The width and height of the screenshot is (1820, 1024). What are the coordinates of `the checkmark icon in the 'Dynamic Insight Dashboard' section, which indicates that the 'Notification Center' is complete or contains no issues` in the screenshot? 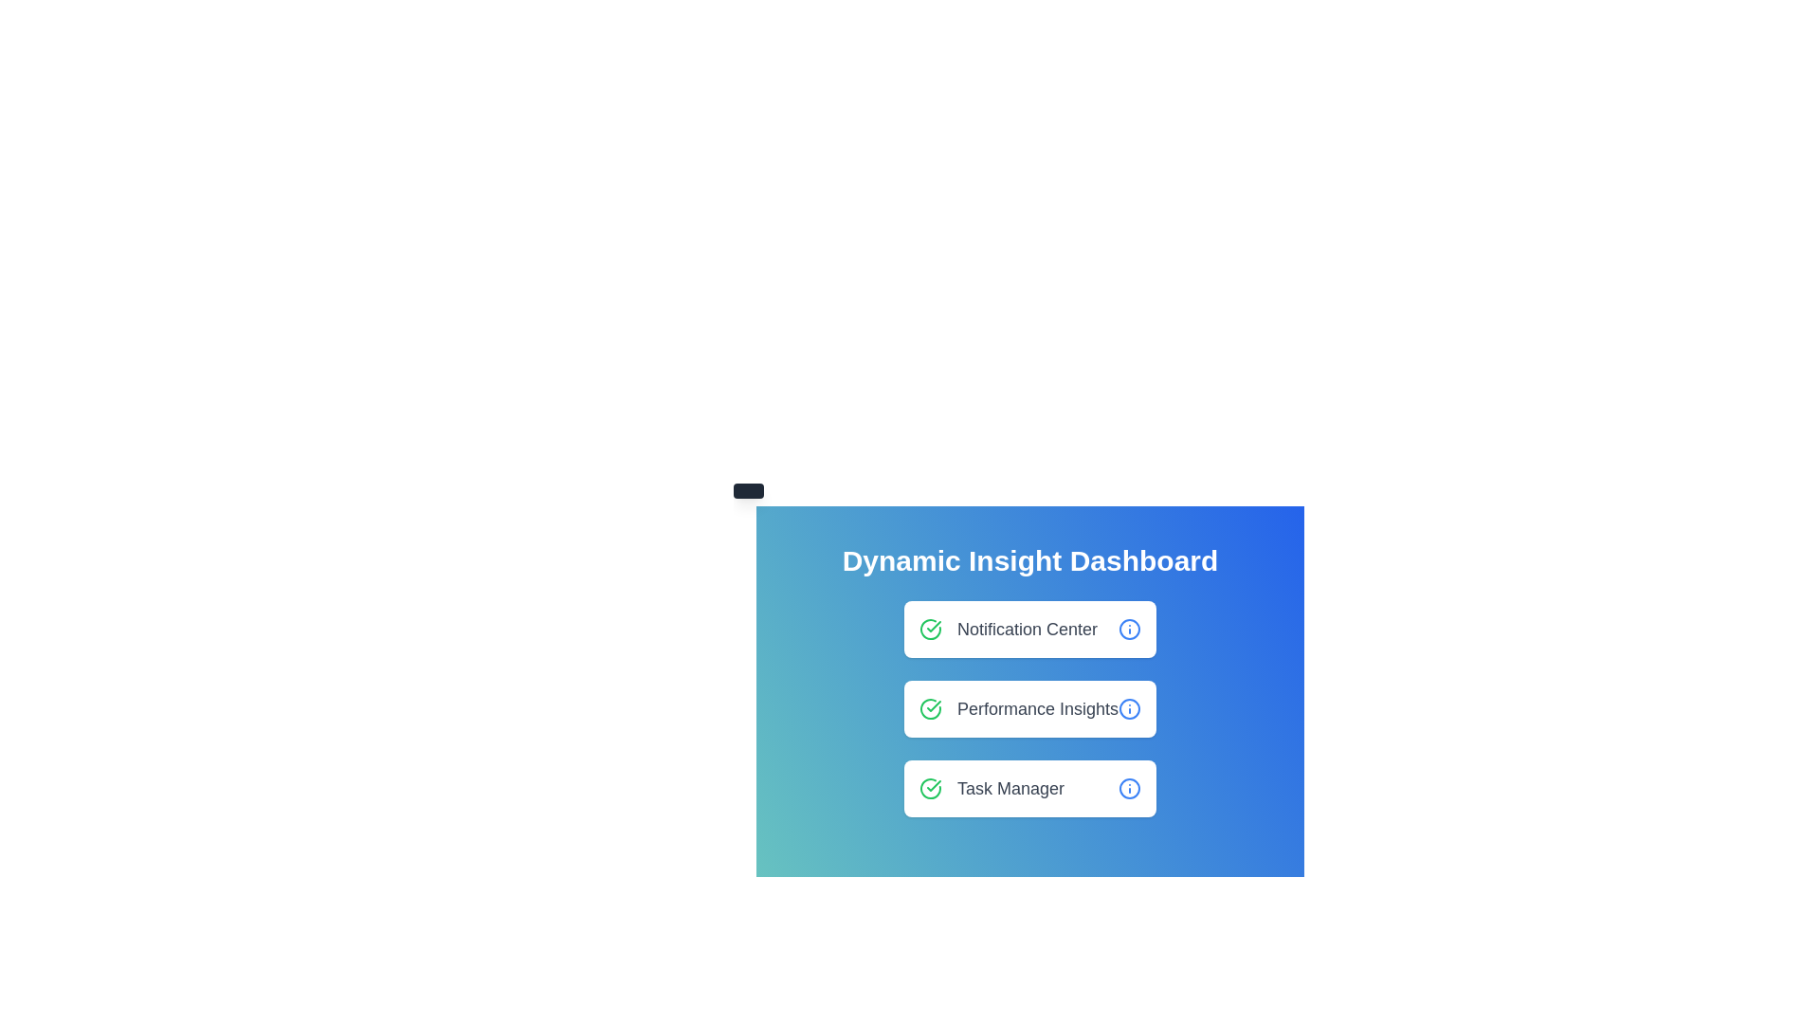 It's located at (934, 705).